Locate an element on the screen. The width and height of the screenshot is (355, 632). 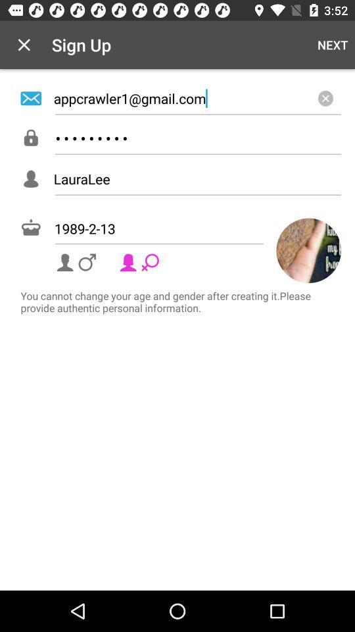
the icon to the right of the sign up icon is located at coordinates (332, 45).